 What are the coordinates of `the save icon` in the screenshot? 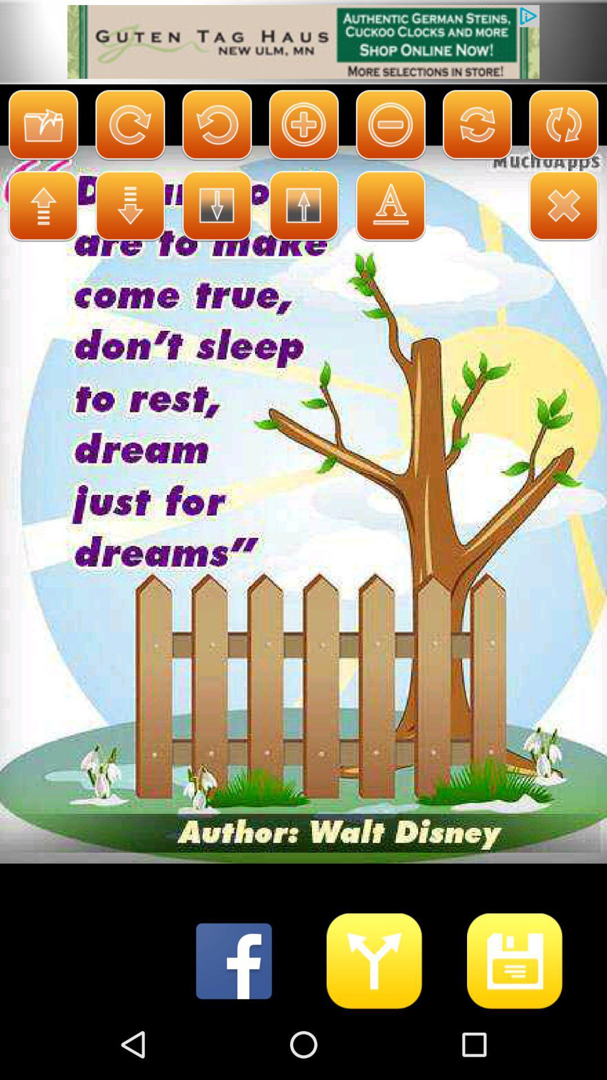 It's located at (515, 1028).